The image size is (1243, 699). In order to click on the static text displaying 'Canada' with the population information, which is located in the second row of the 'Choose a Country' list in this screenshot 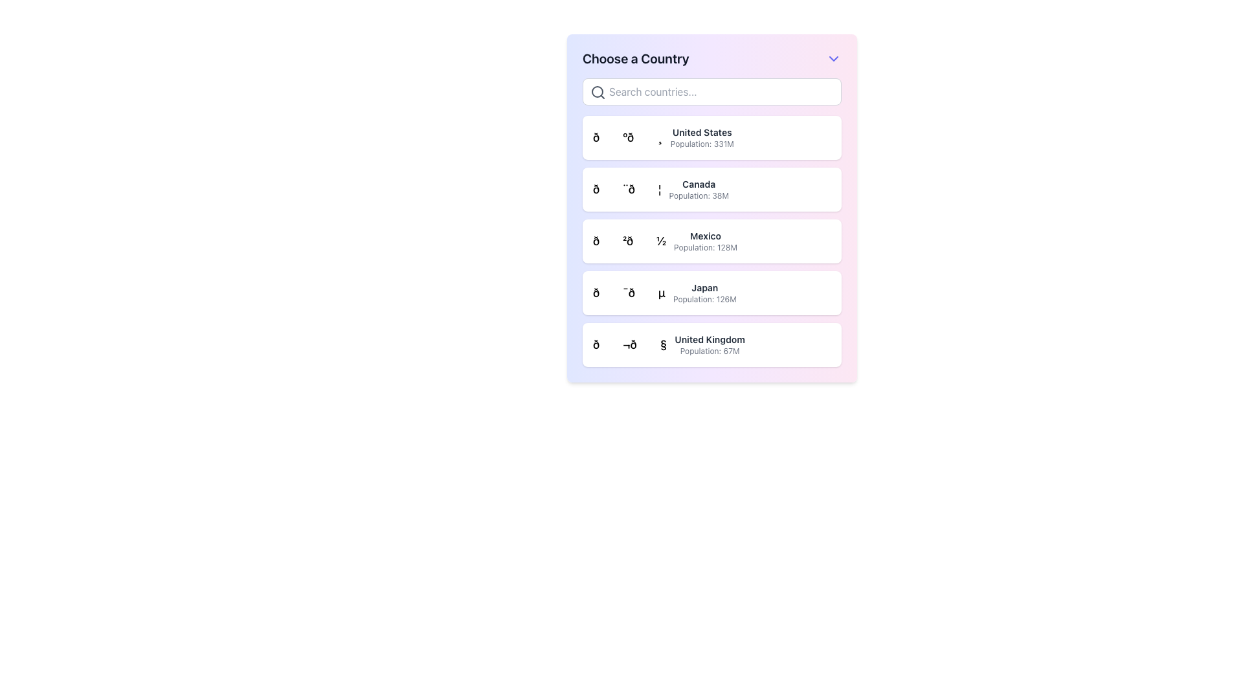, I will do `click(698, 190)`.